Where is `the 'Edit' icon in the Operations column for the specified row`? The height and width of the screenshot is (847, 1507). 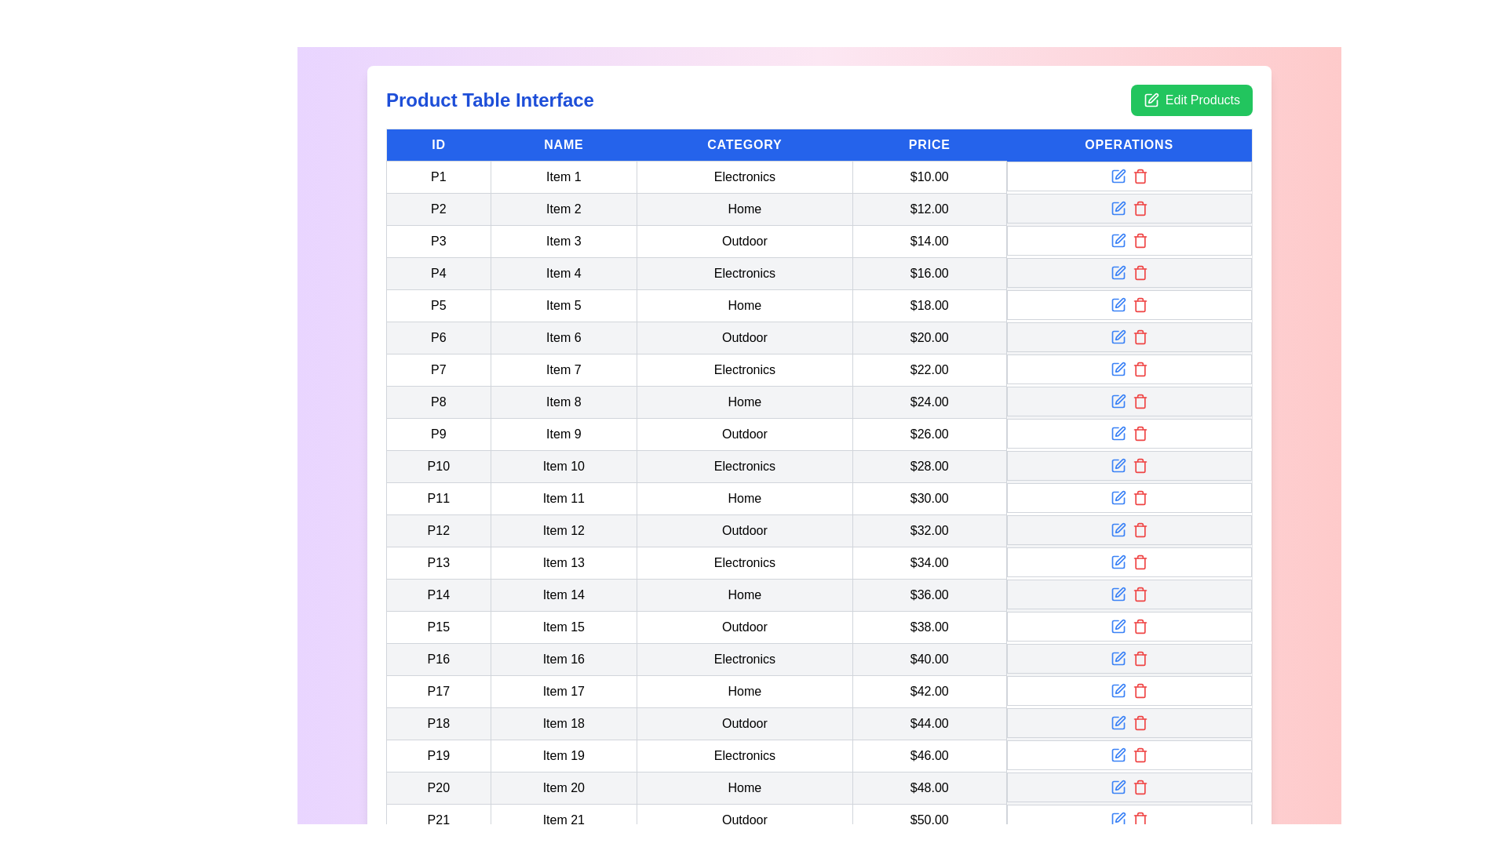
the 'Edit' icon in the Operations column for the specified row is located at coordinates (1117, 176).